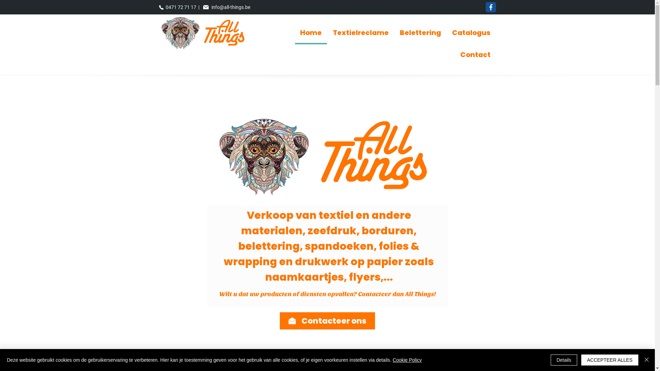  I want to click on 'ACCEPTEER ALLES', so click(581, 360).